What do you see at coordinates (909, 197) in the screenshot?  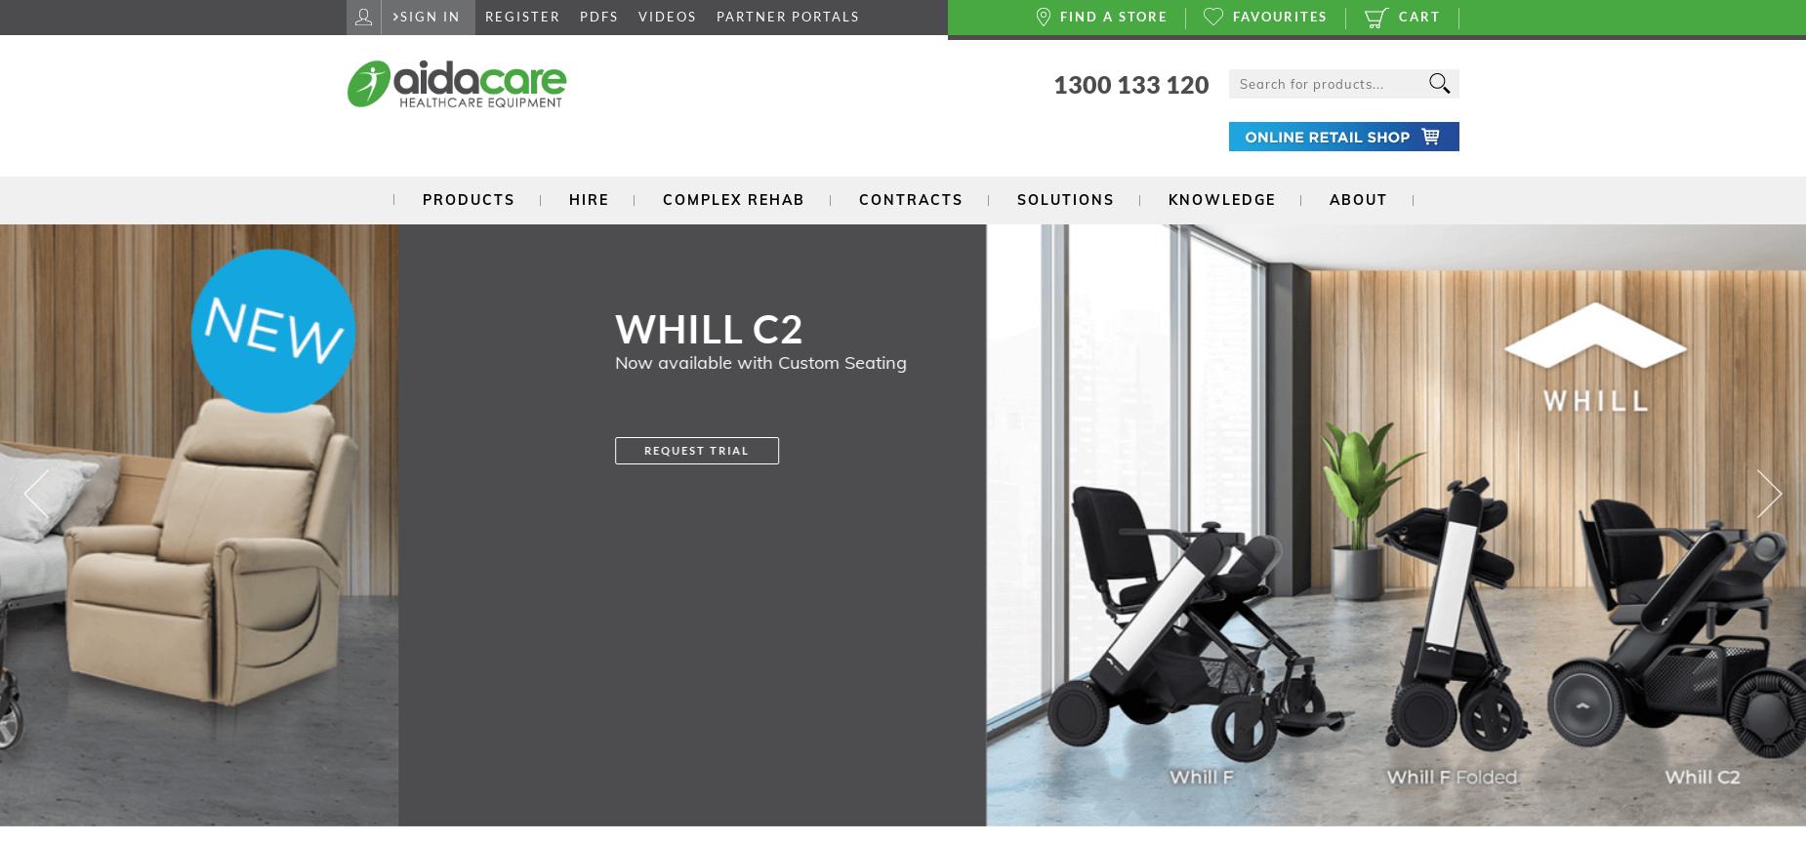 I see `'Contracts'` at bounding box center [909, 197].